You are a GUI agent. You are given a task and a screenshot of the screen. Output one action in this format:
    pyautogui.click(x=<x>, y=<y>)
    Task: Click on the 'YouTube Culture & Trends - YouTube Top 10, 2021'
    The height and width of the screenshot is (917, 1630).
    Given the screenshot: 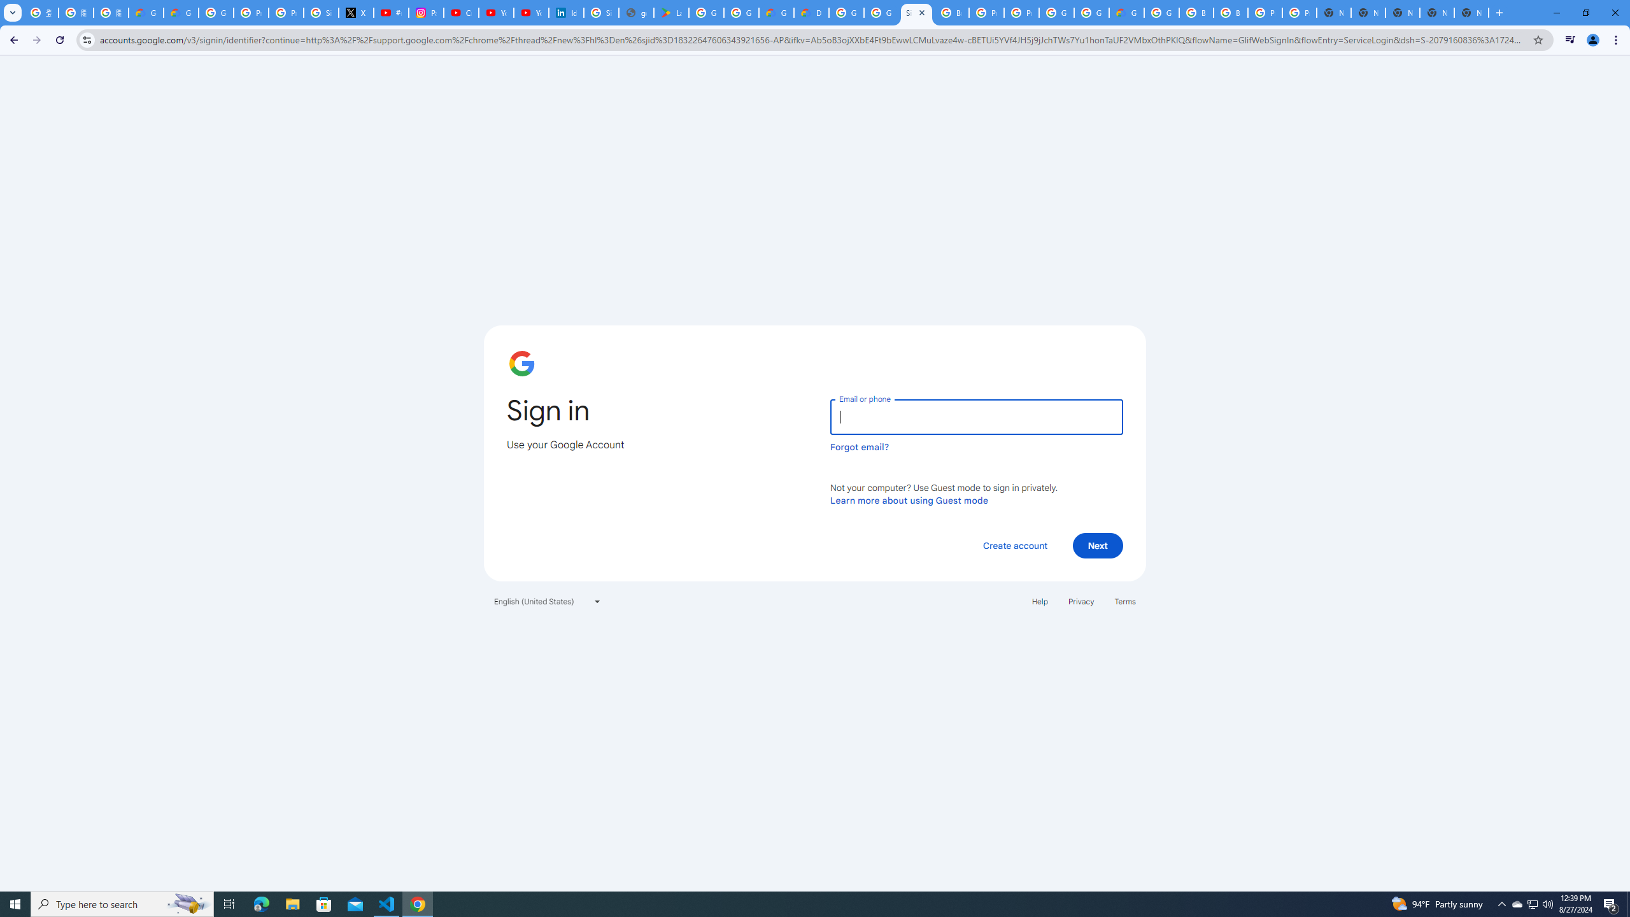 What is the action you would take?
    pyautogui.click(x=530, y=12)
    